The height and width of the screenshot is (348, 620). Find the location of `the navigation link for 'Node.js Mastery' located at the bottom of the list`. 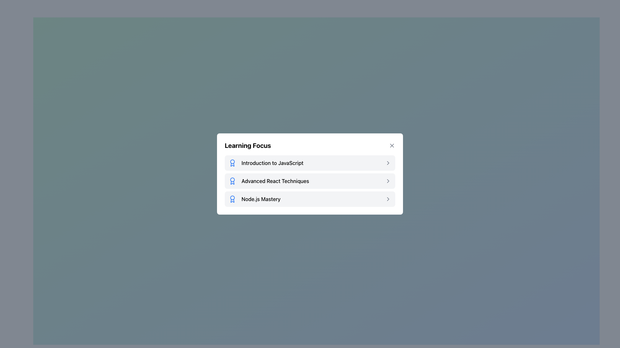

the navigation link for 'Node.js Mastery' located at the bottom of the list is located at coordinates (310, 198).